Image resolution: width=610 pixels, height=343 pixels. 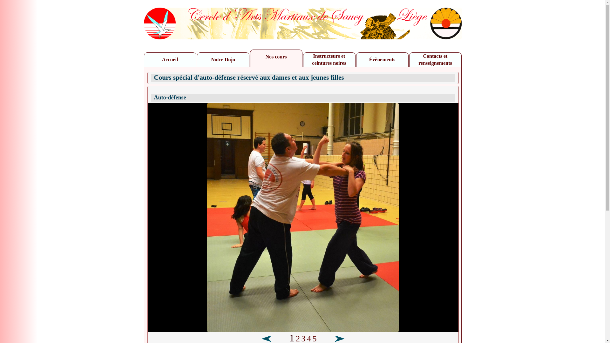 I want to click on 'Notre Dojo', so click(x=223, y=60).